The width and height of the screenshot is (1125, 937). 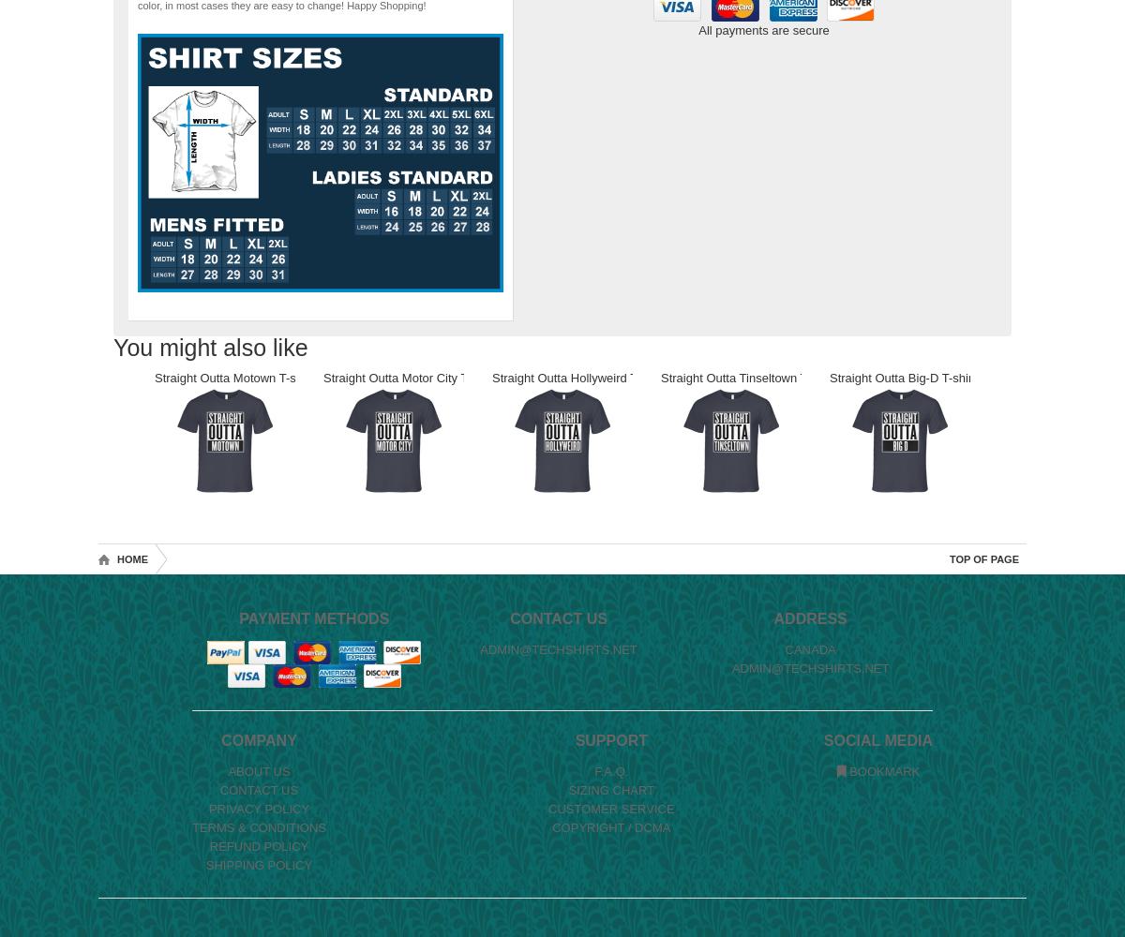 I want to click on 'Refund Policy', so click(x=258, y=846).